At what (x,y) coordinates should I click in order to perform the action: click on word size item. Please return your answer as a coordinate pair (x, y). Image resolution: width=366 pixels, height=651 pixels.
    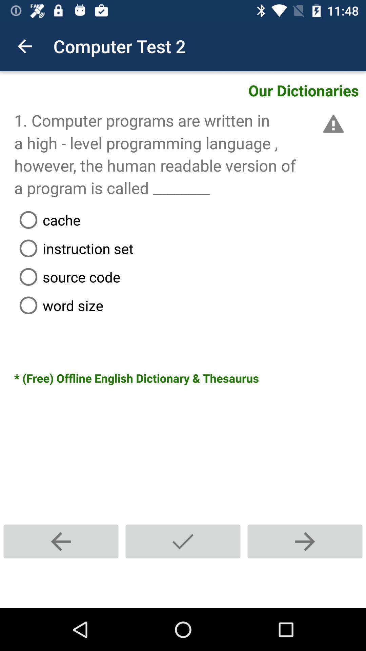
    Looking at the image, I should click on (190, 305).